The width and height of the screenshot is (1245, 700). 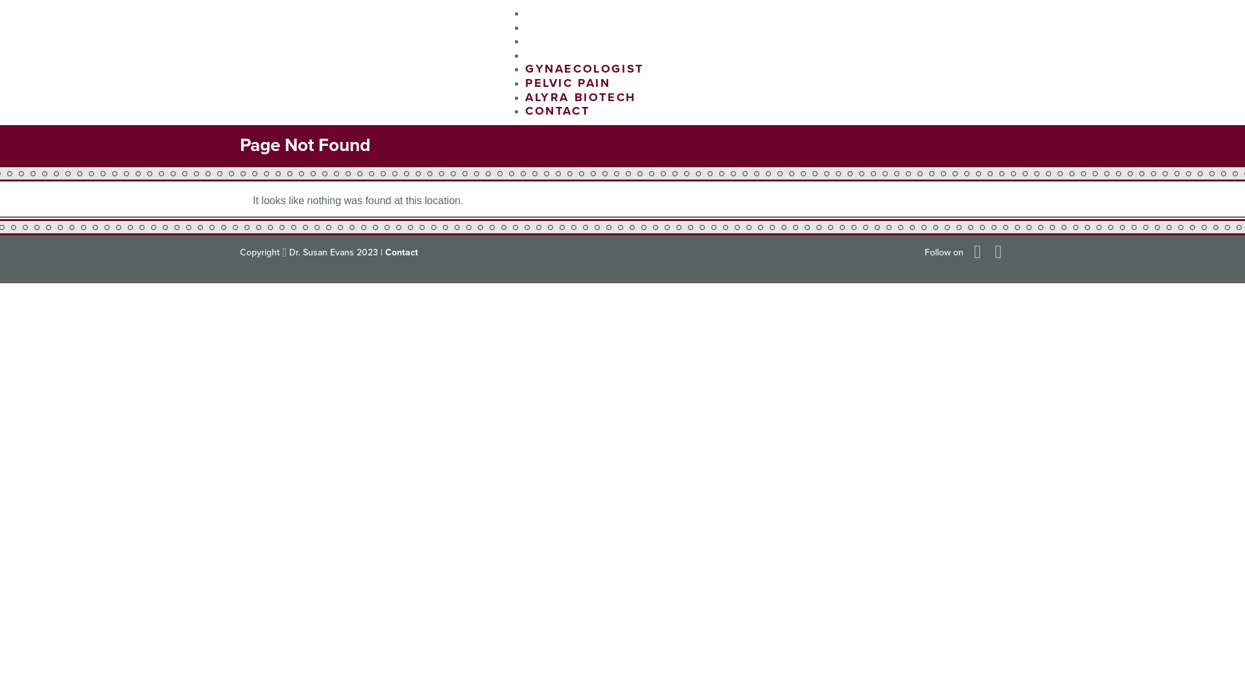 What do you see at coordinates (580, 97) in the screenshot?
I see `'ALYRA BIOTECH'` at bounding box center [580, 97].